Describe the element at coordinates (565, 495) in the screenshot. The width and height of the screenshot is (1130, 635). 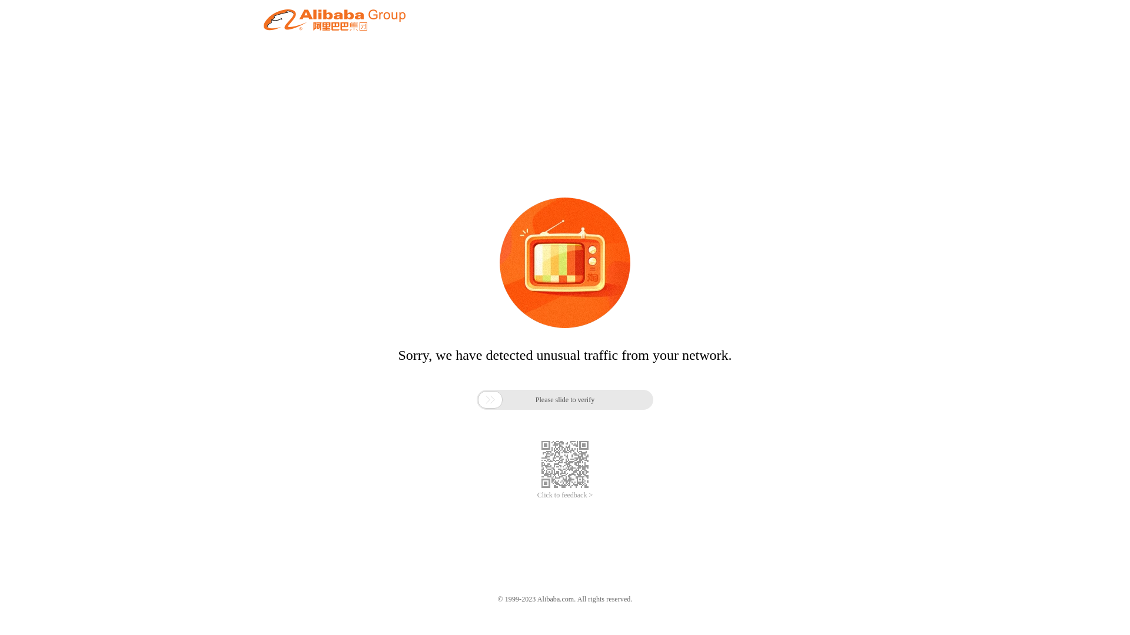
I see `'Click to feedback >'` at that location.